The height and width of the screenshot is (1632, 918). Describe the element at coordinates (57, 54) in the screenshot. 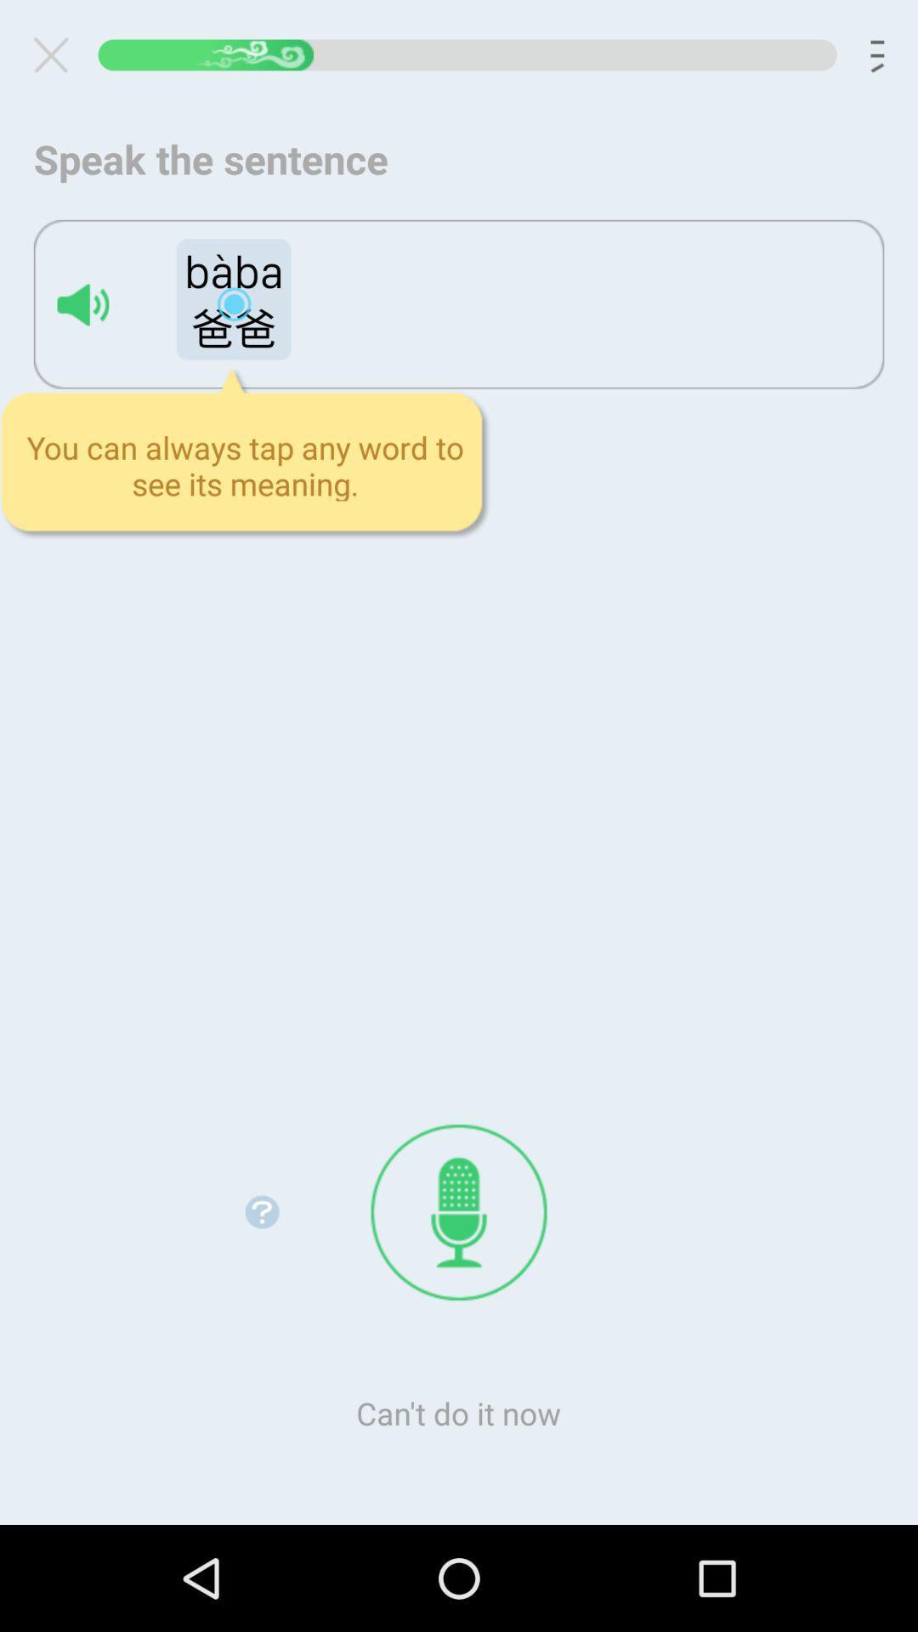

I see `closes the app` at that location.